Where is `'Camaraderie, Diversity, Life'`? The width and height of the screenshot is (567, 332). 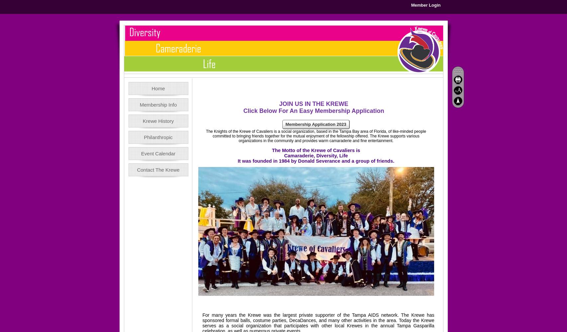 'Camaraderie, Diversity, Life' is located at coordinates (315, 155).